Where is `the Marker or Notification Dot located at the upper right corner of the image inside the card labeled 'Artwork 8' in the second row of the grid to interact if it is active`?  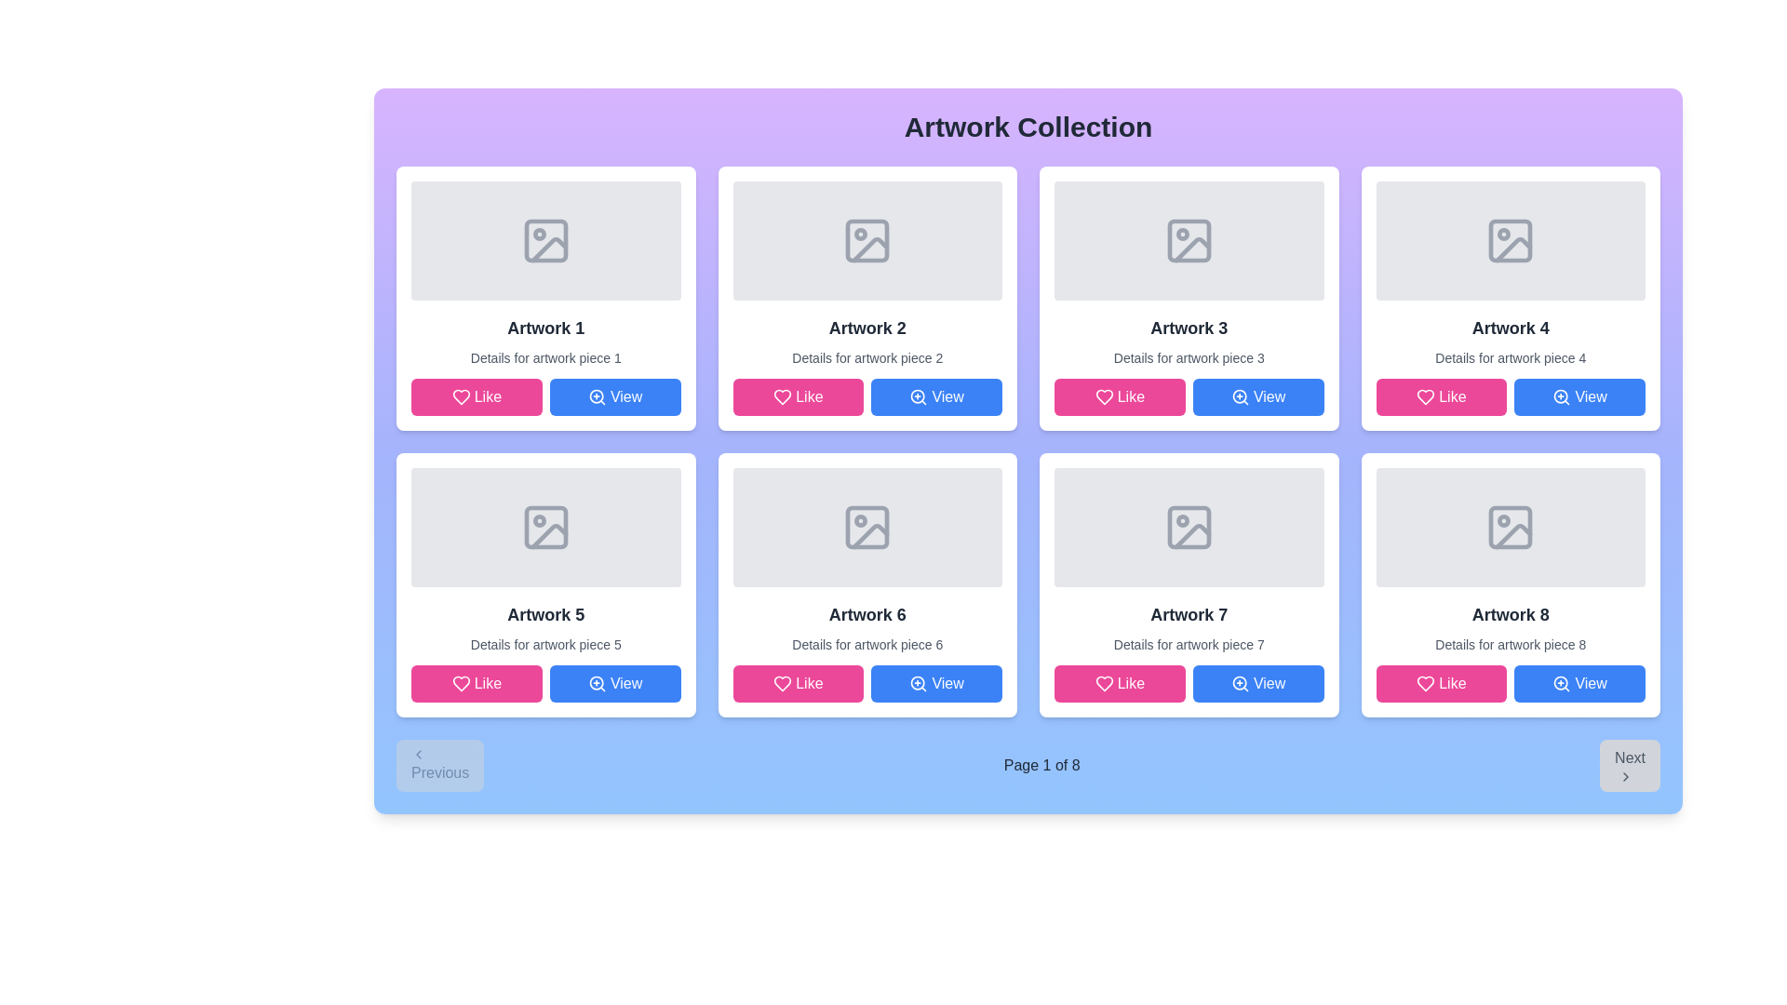
the Marker or Notification Dot located at the upper right corner of the image inside the card labeled 'Artwork 8' in the second row of the grid to interact if it is active is located at coordinates (1504, 520).